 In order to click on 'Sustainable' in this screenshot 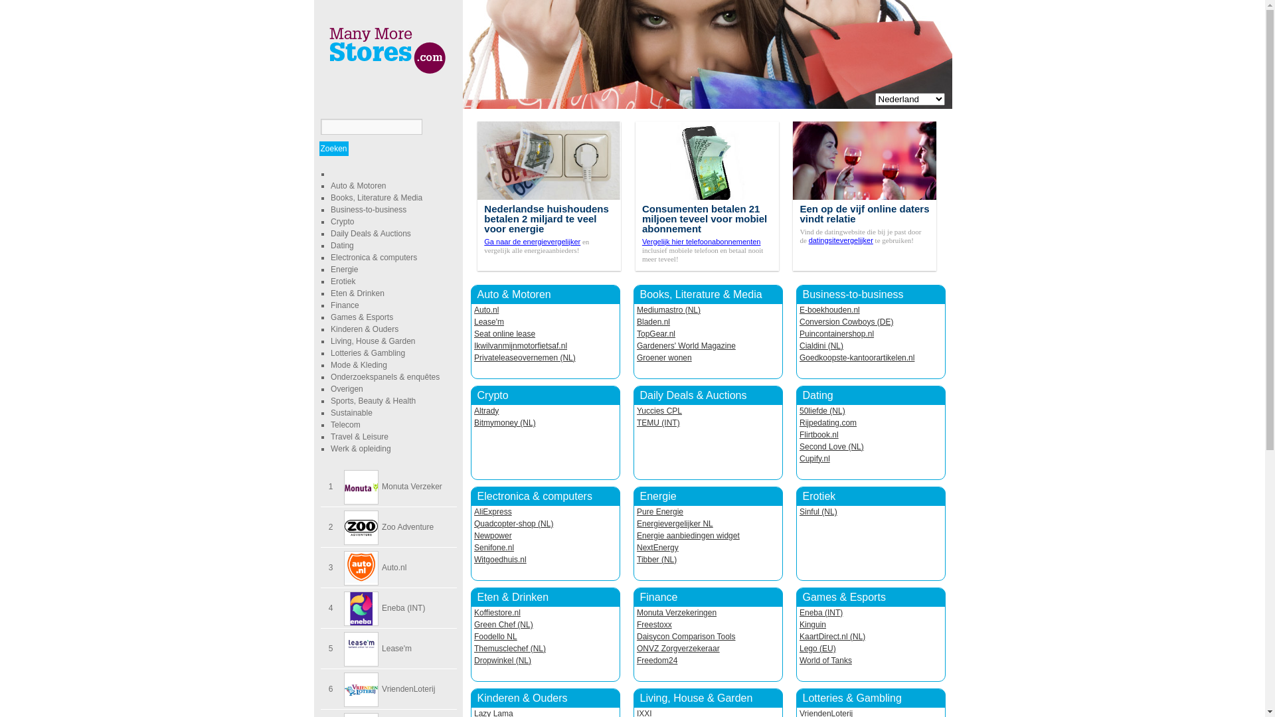, I will do `click(351, 412)`.